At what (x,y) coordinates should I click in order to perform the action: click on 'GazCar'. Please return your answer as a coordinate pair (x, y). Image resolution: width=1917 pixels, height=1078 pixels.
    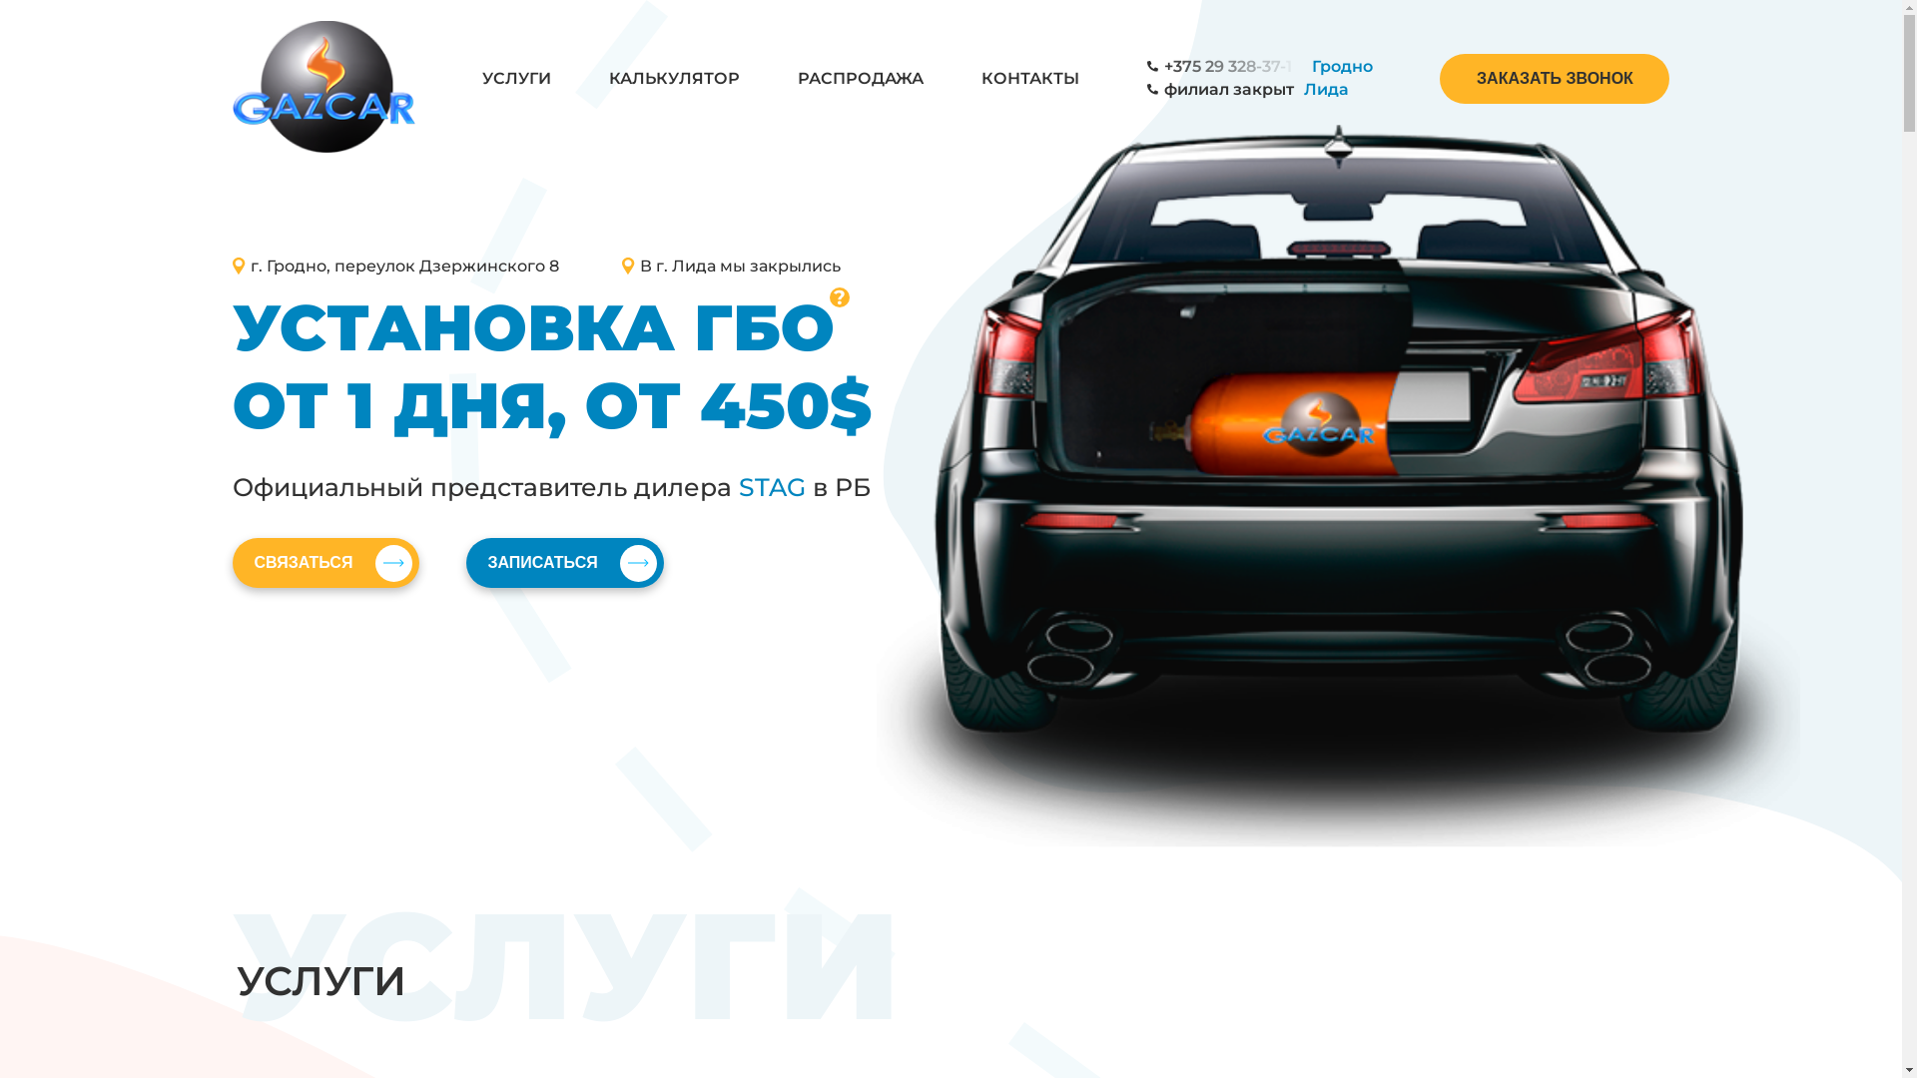
    Looking at the image, I should click on (322, 75).